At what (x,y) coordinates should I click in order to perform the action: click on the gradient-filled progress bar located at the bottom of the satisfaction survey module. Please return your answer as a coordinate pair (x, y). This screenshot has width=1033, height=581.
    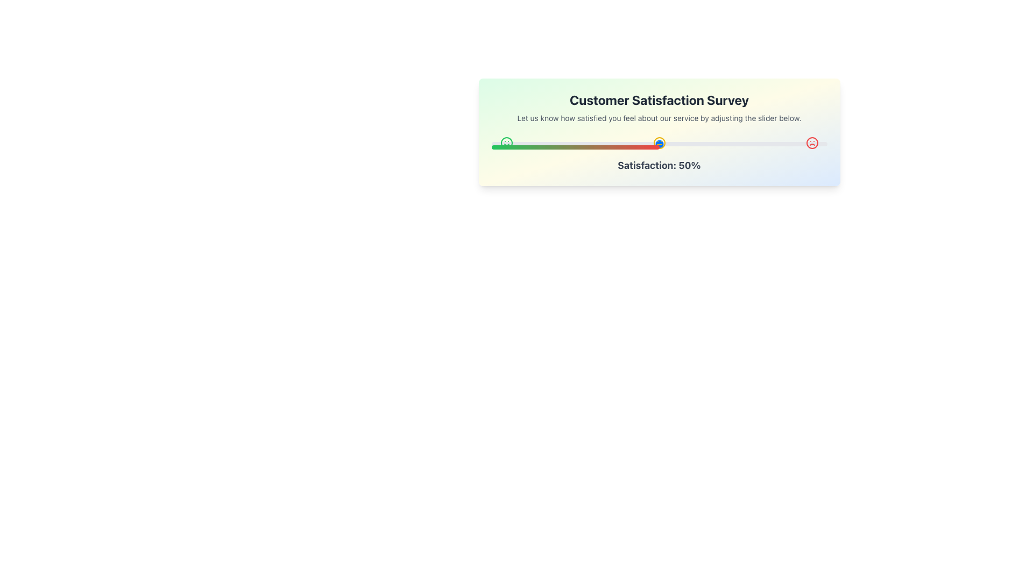
    Looking at the image, I should click on (575, 147).